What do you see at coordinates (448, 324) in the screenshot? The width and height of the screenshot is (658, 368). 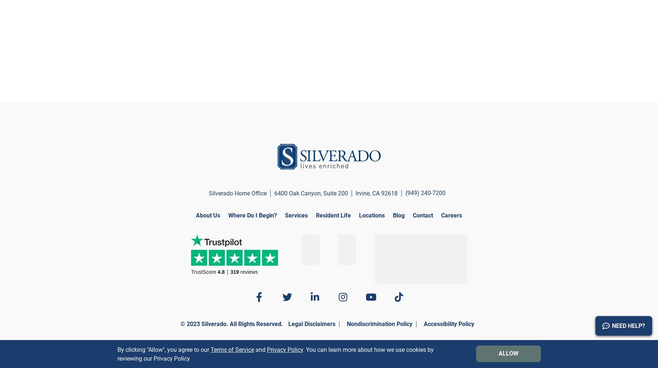 I see `'Accessibility Policy'` at bounding box center [448, 324].